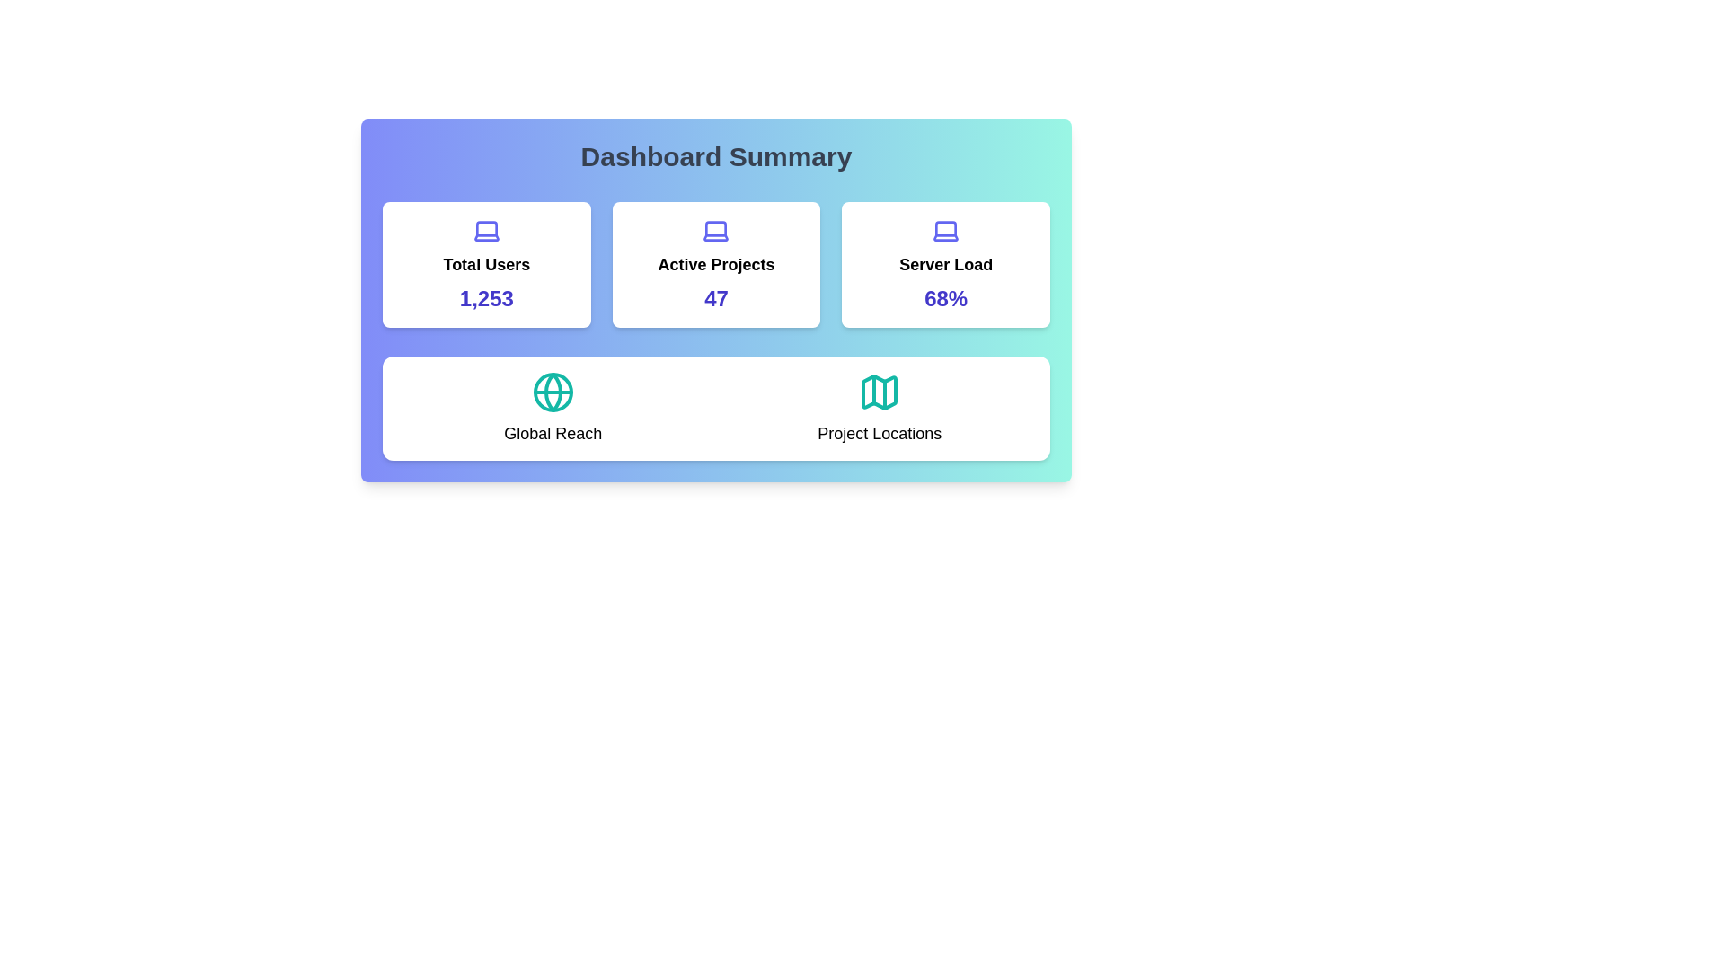  Describe the element at coordinates (945, 264) in the screenshot. I see `the 'Server Load' text label, which is styled in bold and positioned within a card on the rightmost side of a three-part layout, above the percentage value '68%' and below a laptop icon` at that location.